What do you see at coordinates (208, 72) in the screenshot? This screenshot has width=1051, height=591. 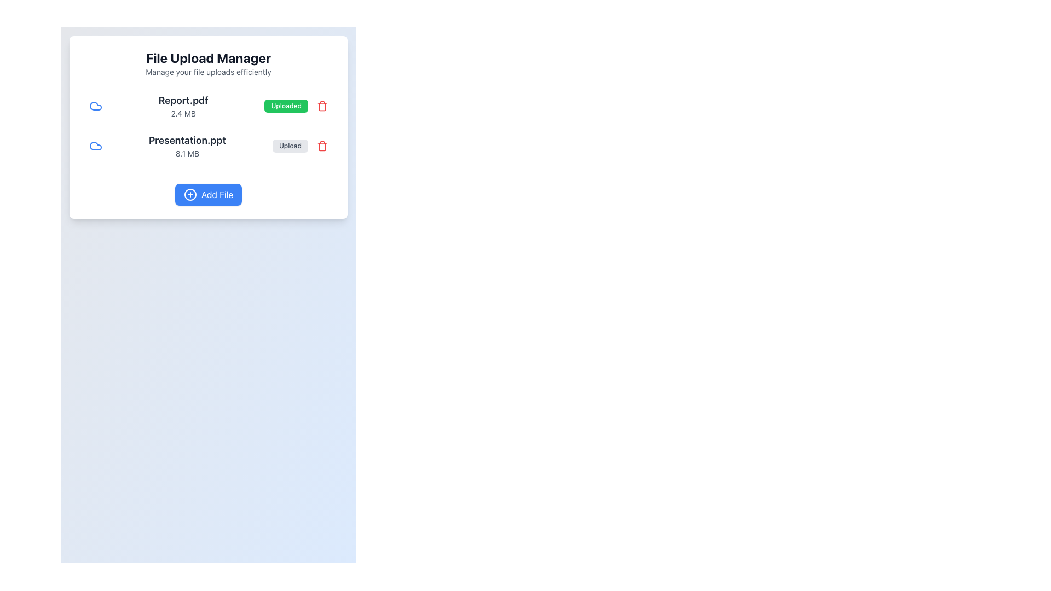 I see `the Static Text element that provides a brief description for the file upload management functionality, located near the top center of the application window` at bounding box center [208, 72].